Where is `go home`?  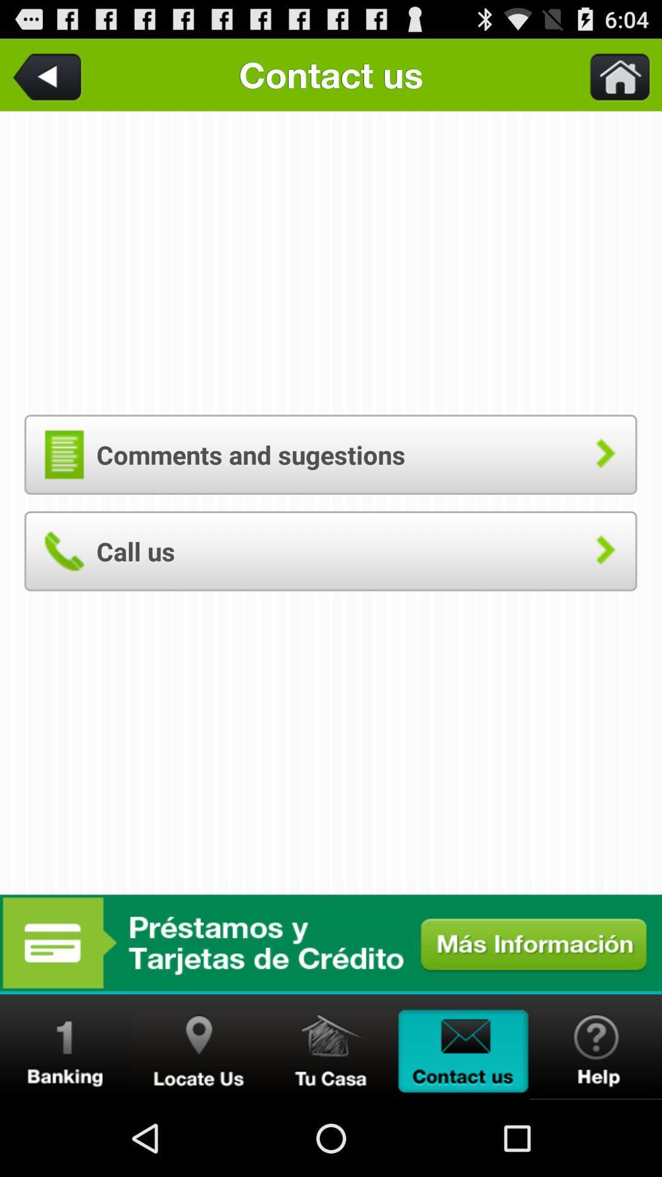 go home is located at coordinates (612, 74).